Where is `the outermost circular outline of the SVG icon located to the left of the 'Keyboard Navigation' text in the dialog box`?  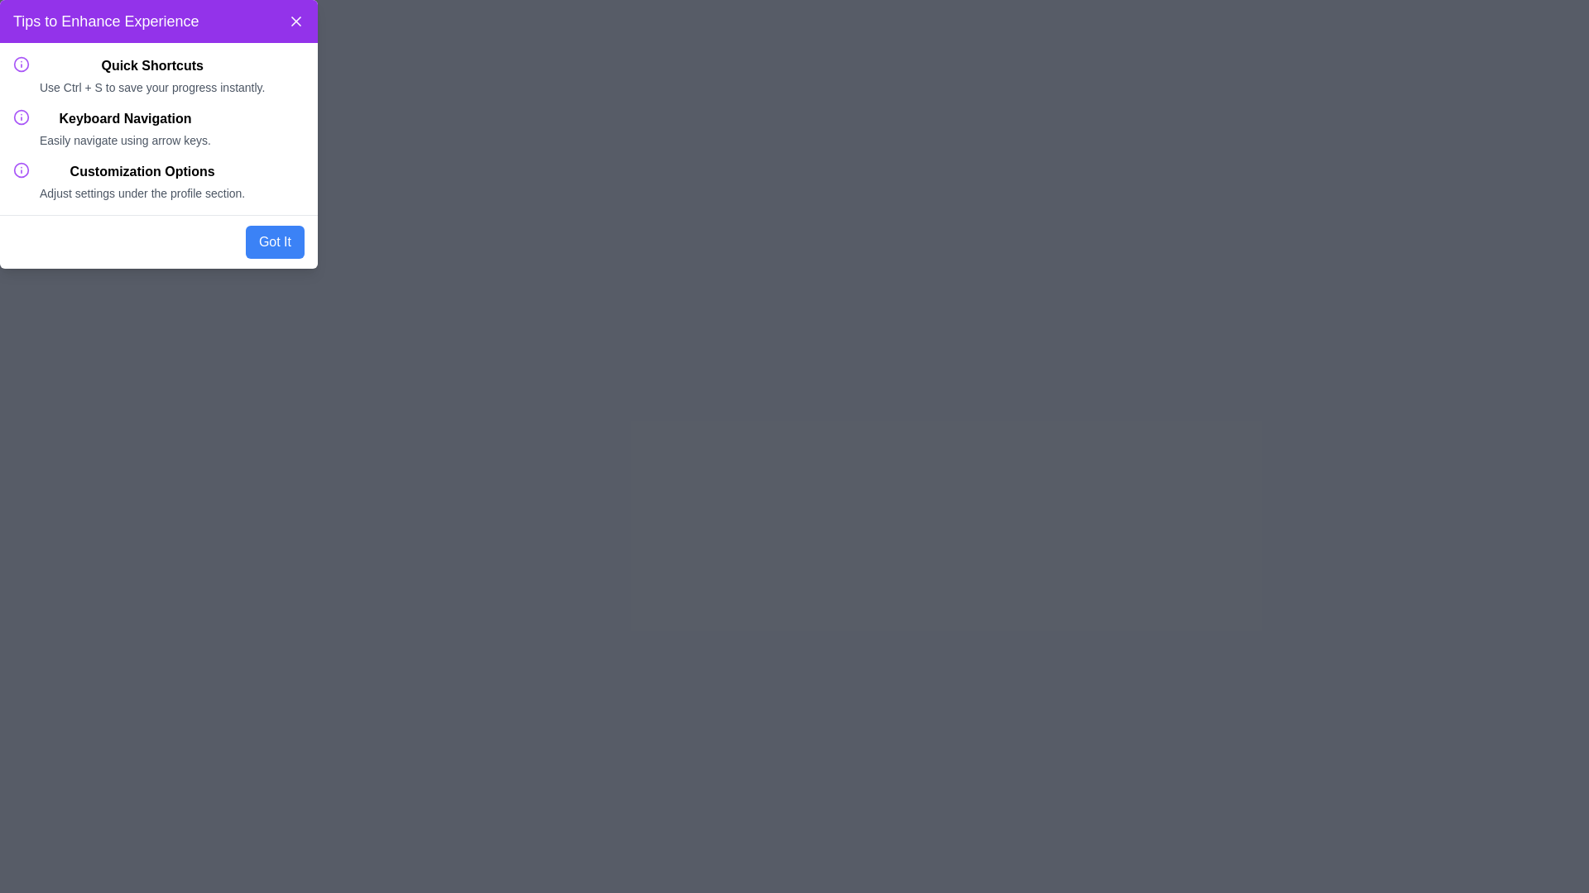 the outermost circular outline of the SVG icon located to the left of the 'Keyboard Navigation' text in the dialog box is located at coordinates (21, 117).